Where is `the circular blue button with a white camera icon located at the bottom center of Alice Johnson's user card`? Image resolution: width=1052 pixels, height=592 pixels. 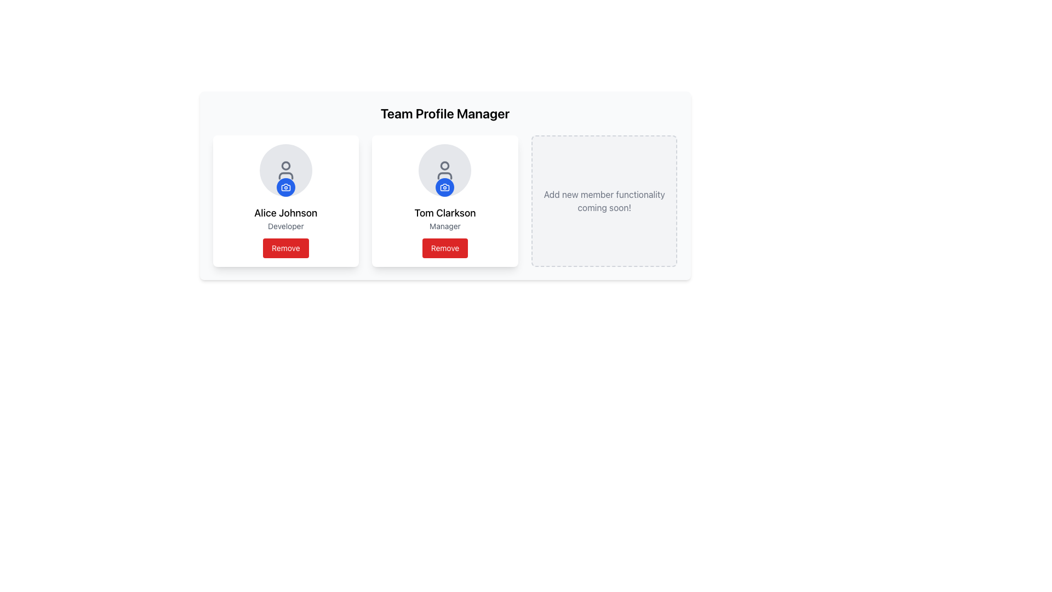 the circular blue button with a white camera icon located at the bottom center of Alice Johnson's user card is located at coordinates (285, 187).